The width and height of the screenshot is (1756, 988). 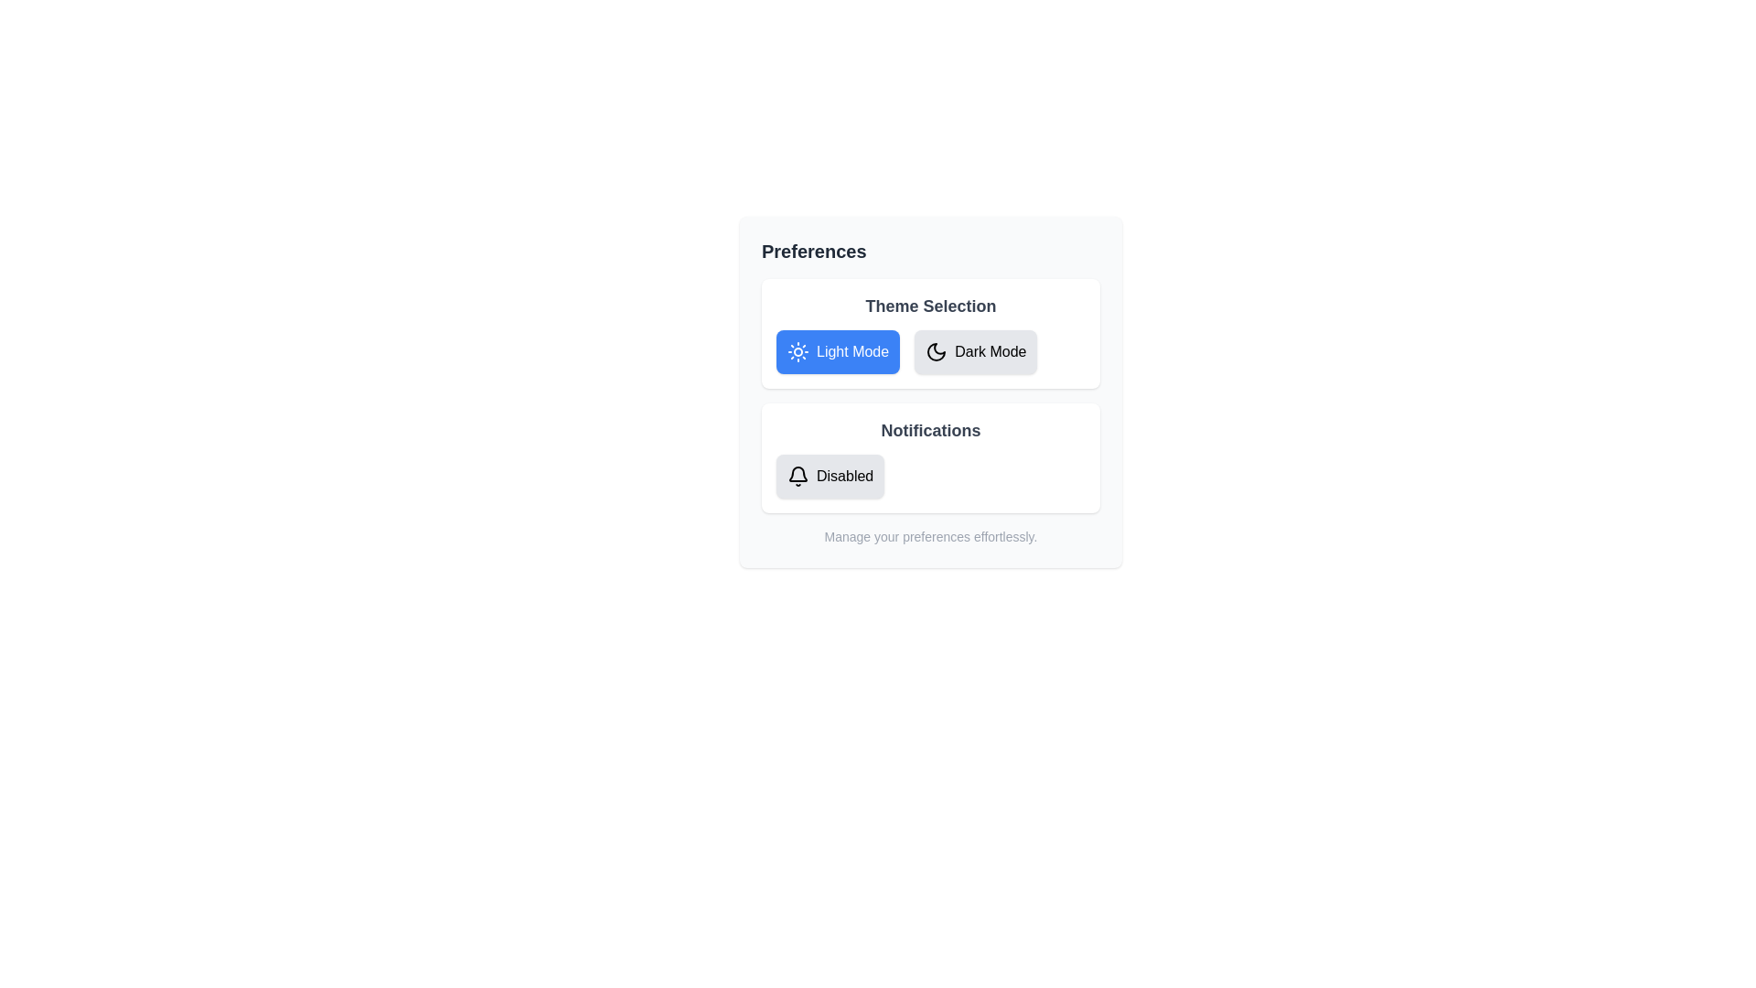 What do you see at coordinates (990, 352) in the screenshot?
I see `the 'Dark Mode' text label` at bounding box center [990, 352].